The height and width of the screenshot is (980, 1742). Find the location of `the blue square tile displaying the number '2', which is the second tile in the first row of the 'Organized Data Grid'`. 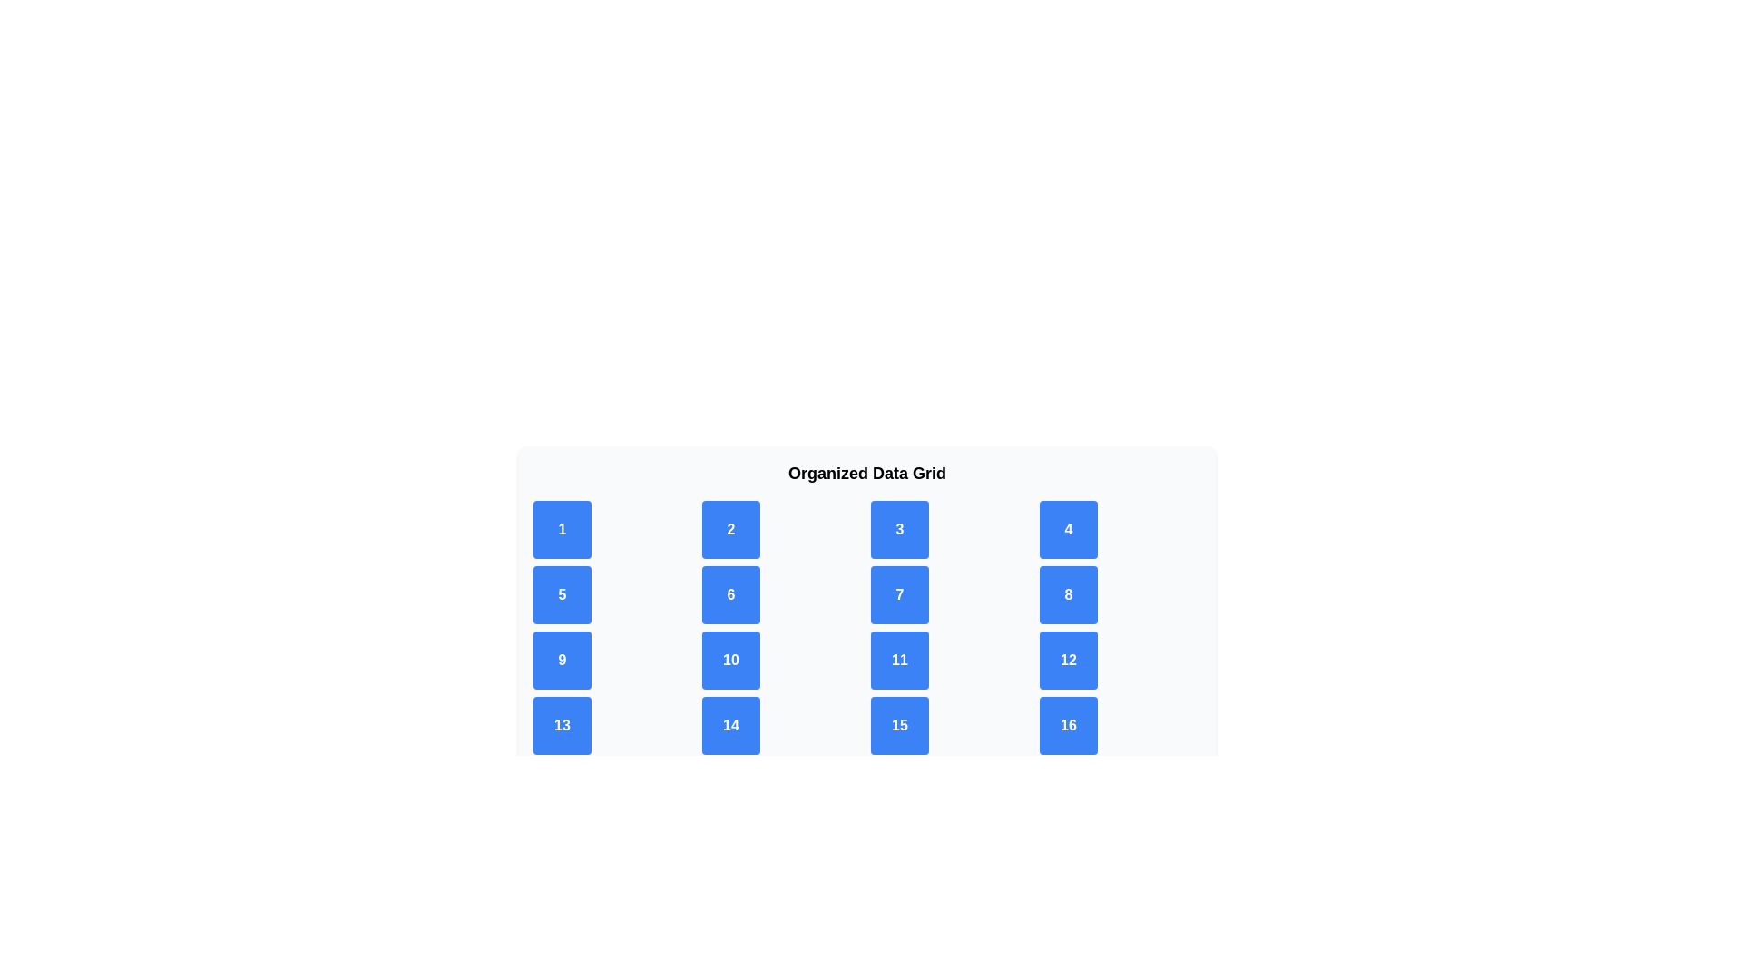

the blue square tile displaying the number '2', which is the second tile in the first row of the 'Organized Data Grid' is located at coordinates (731, 529).